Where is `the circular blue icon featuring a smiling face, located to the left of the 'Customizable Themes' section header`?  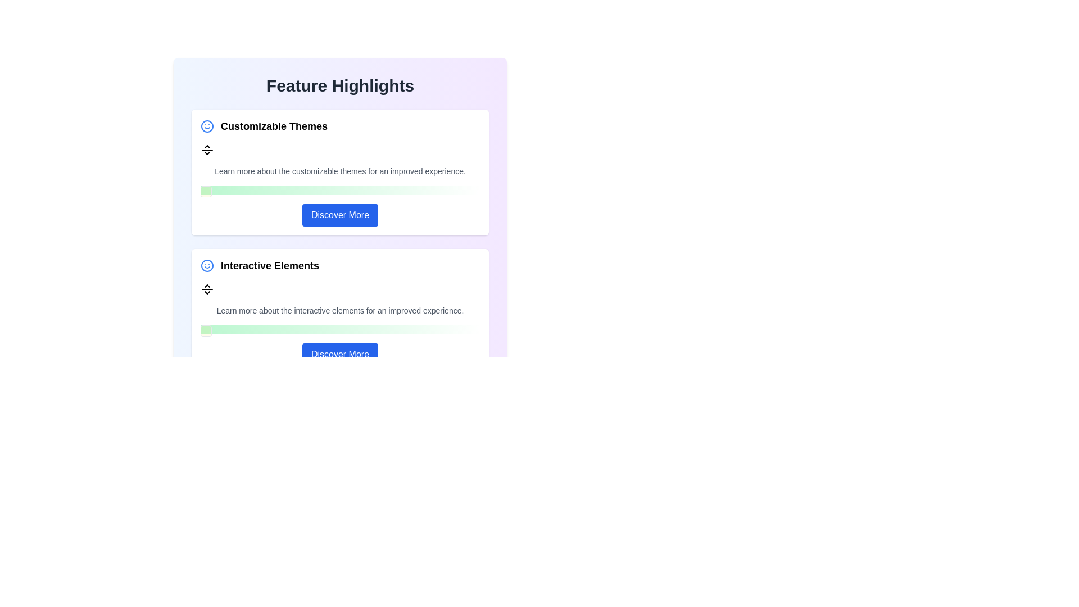 the circular blue icon featuring a smiling face, located to the left of the 'Customizable Themes' section header is located at coordinates (207, 126).